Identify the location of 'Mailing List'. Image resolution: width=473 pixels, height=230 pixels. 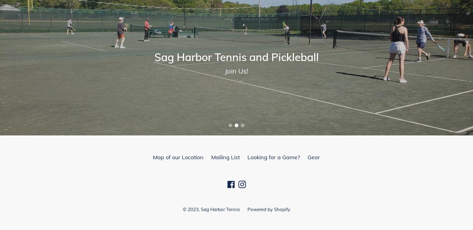
(226, 157).